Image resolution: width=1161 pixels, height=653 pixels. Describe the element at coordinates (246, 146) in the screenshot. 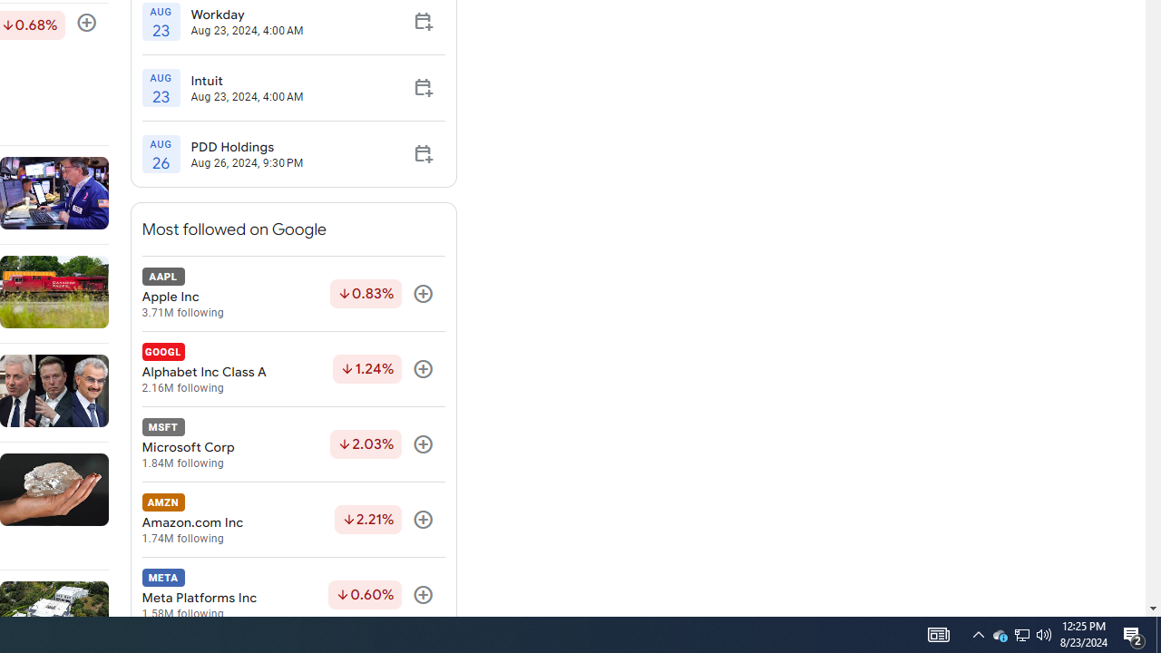

I see `'PDD Holdings'` at that location.